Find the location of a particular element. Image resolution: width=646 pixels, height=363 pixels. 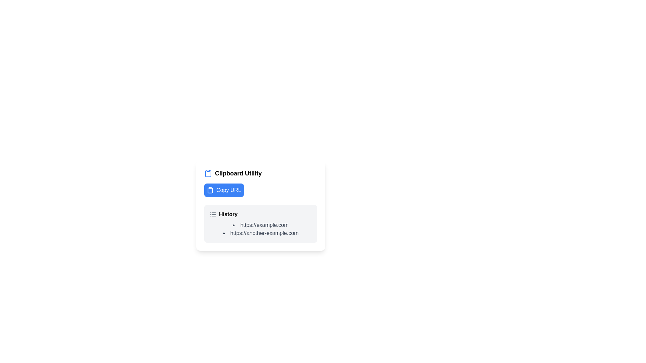

the clipboard icon with a blue background and white stroke, located to the left of the 'Copy URL' text is located at coordinates (210, 190).